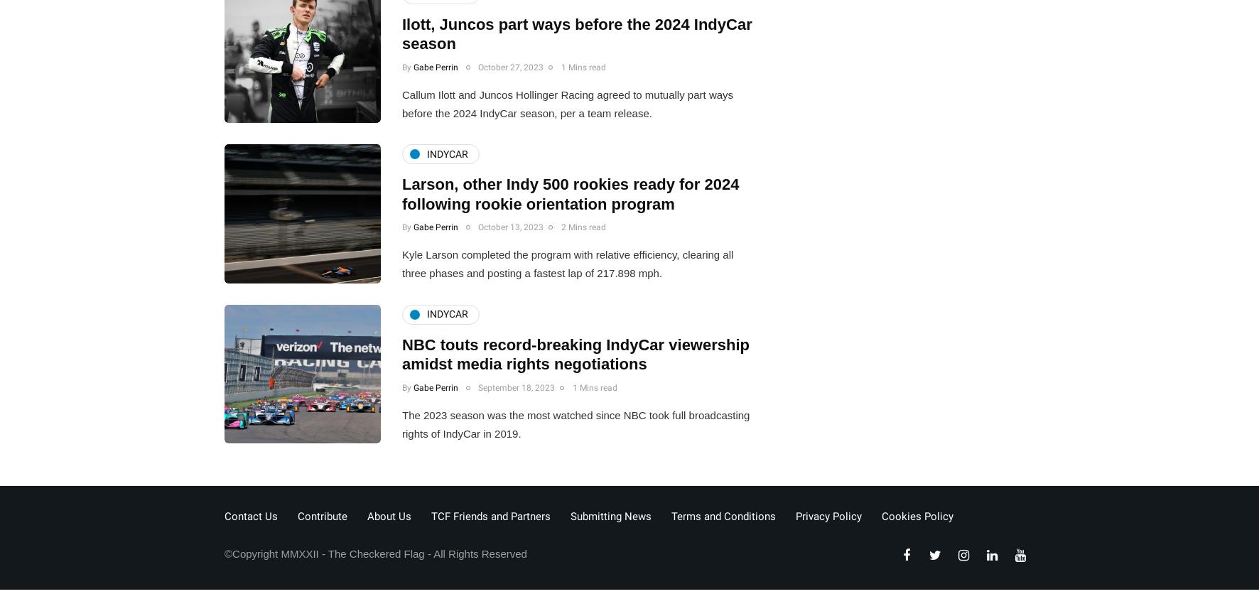 This screenshot has height=616, width=1259. I want to click on 'Terms and Conditions', so click(723, 515).